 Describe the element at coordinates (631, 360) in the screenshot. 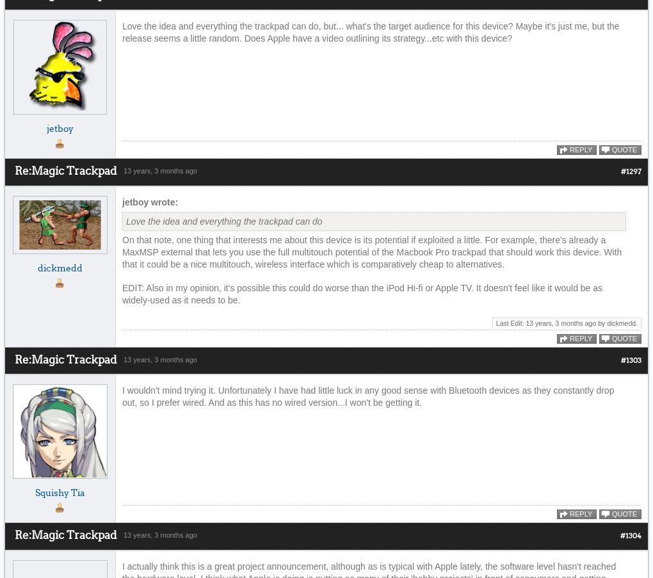

I see `'#1303'` at that location.